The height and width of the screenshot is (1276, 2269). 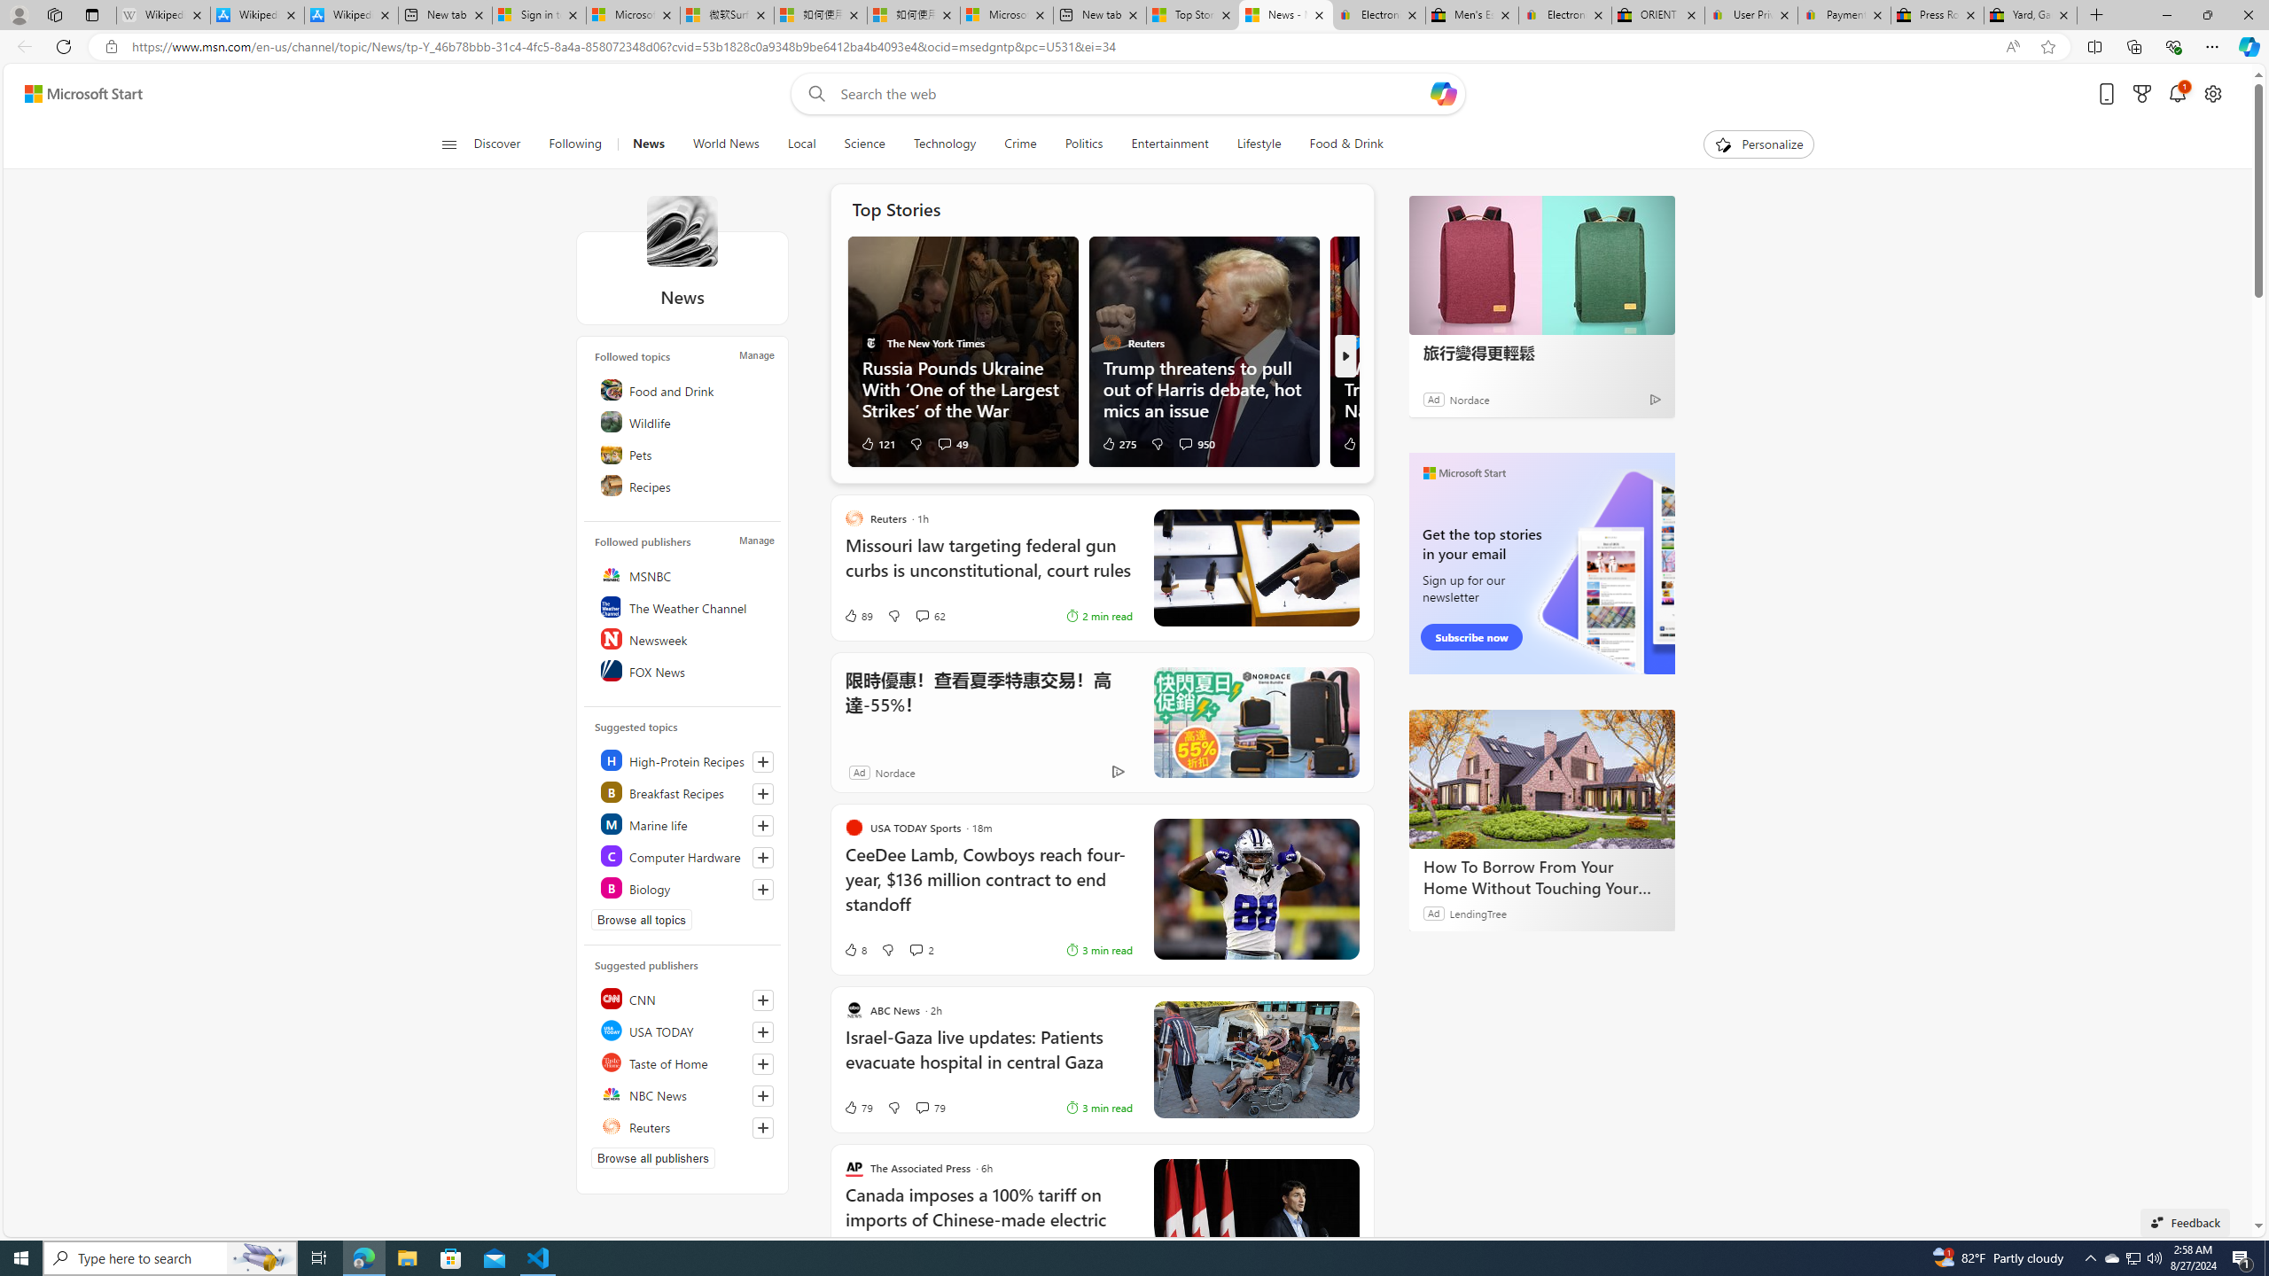 What do you see at coordinates (1118, 442) in the screenshot?
I see `'275 Like'` at bounding box center [1118, 442].